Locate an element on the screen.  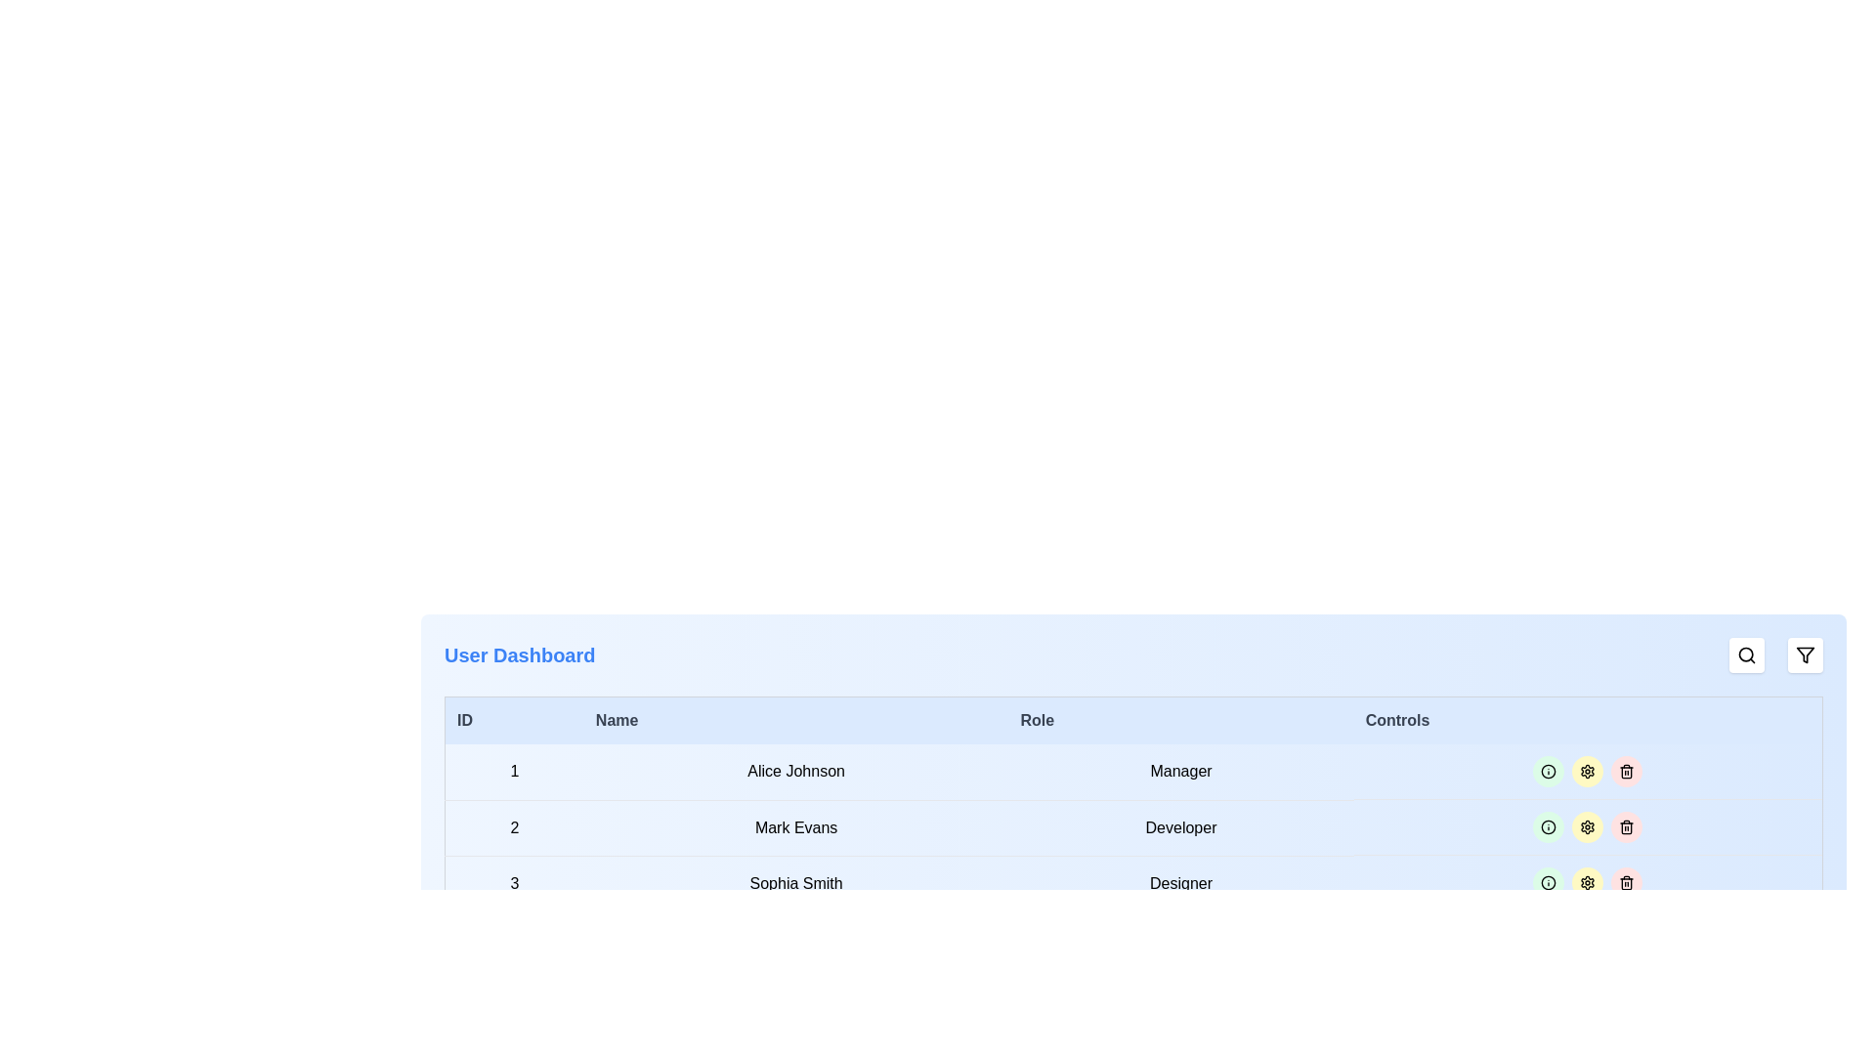
the filter icon located at the top-right corner of the interface, near the search icon, which visually represents filtering functionality is located at coordinates (1805, 655).